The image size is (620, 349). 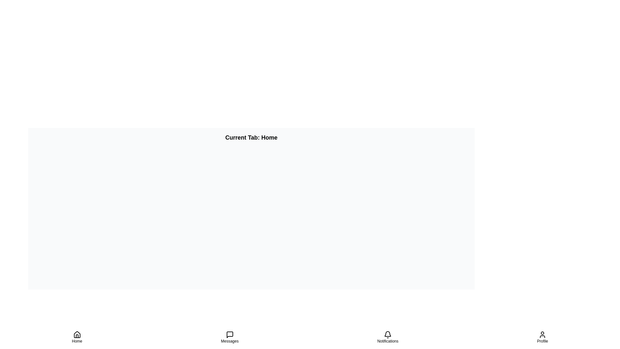 What do you see at coordinates (230, 337) in the screenshot?
I see `the 'Messages' button, which features a message bubble icon above the text label 'Messages', located in the bottom navigation bar` at bounding box center [230, 337].